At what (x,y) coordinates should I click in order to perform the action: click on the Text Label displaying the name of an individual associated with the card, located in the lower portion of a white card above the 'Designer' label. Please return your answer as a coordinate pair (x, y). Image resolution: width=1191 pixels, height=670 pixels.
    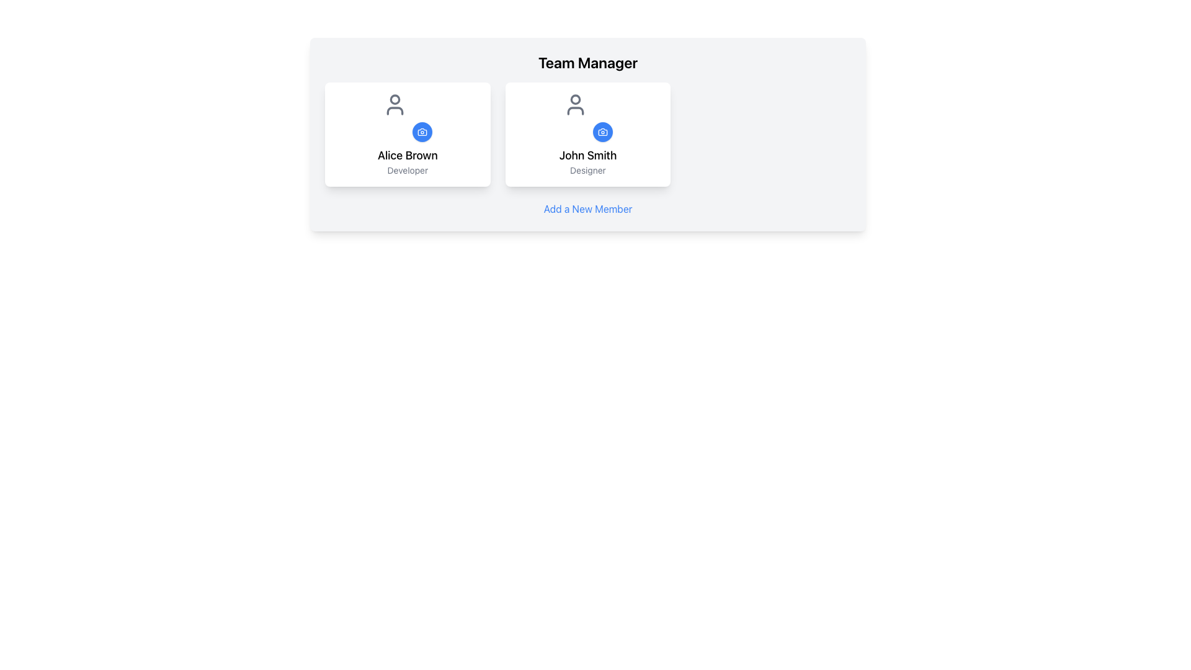
    Looking at the image, I should click on (587, 154).